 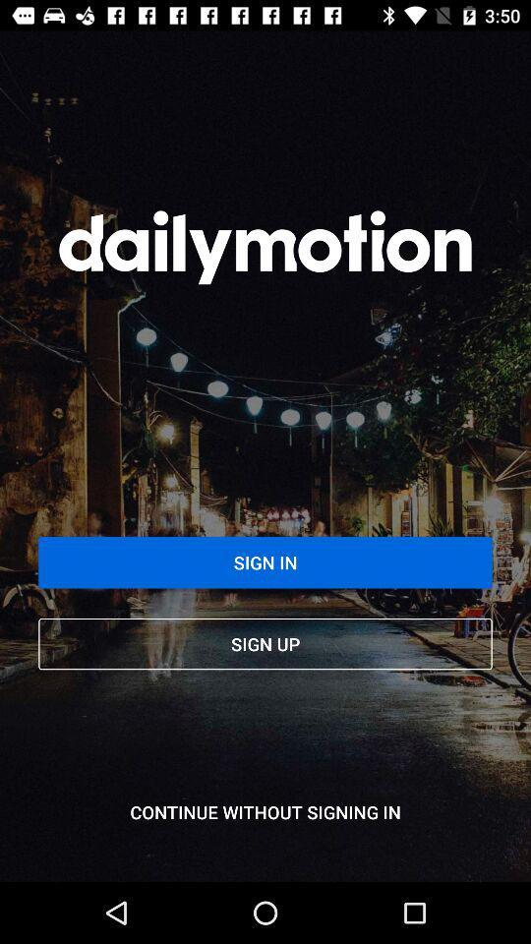 I want to click on the icon above the sign up item, so click(x=265, y=562).